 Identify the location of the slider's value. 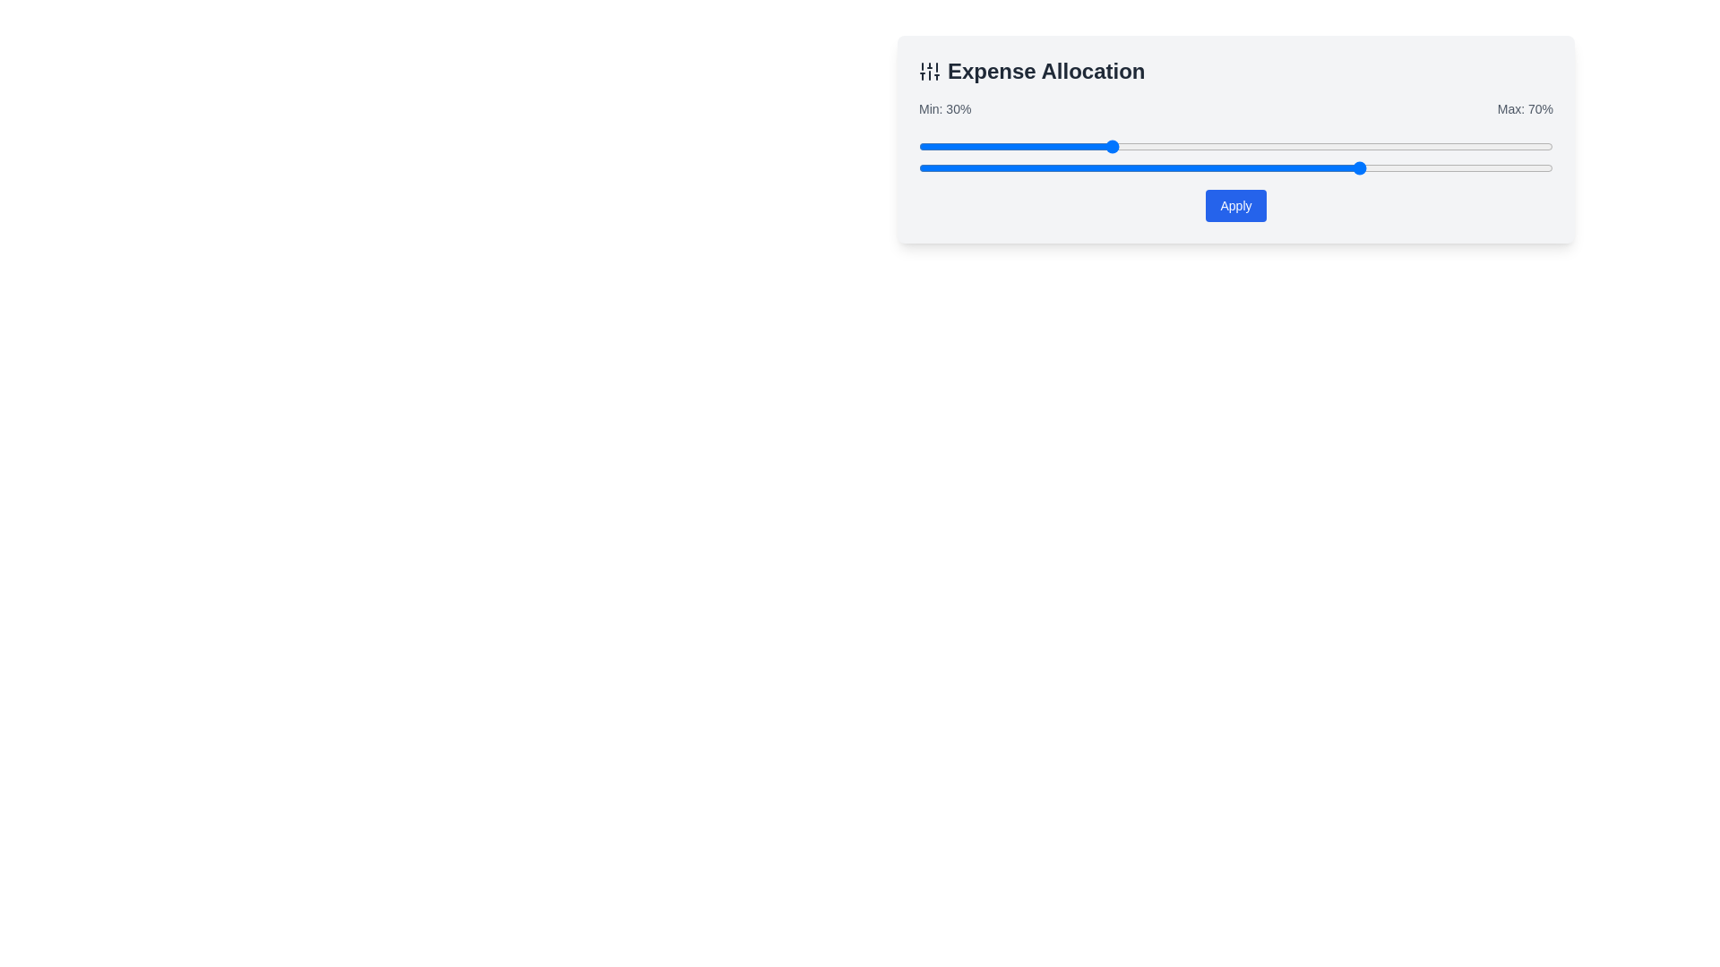
(1191, 168).